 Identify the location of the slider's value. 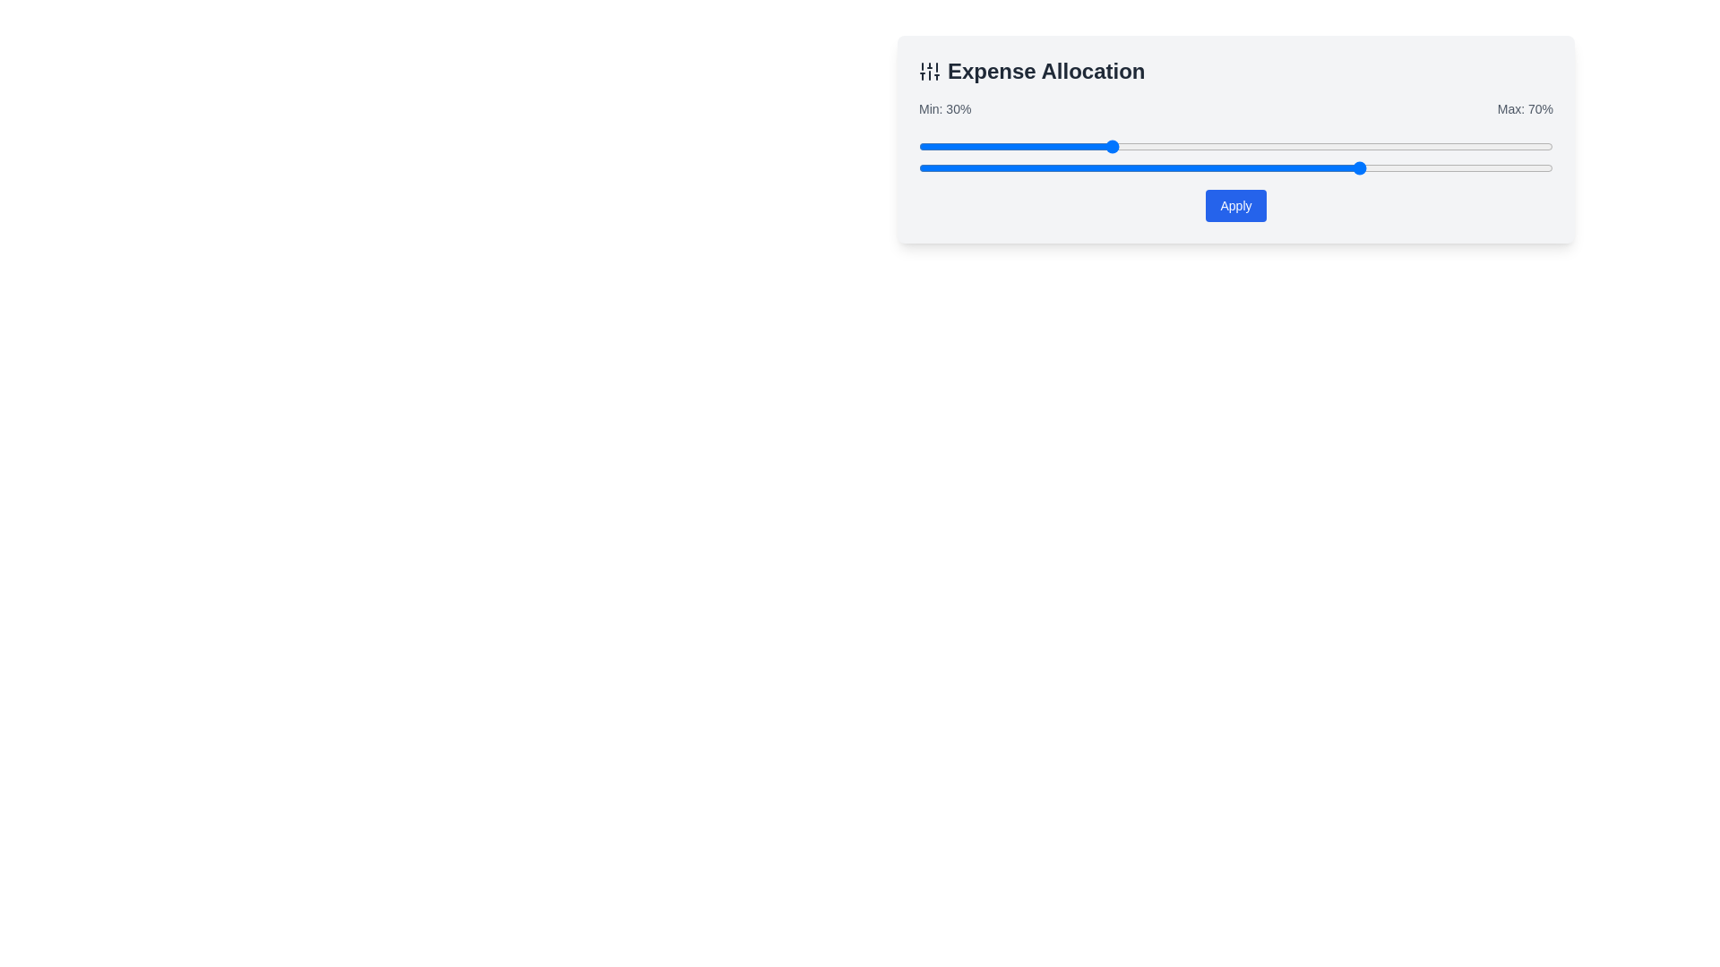
(1191, 168).